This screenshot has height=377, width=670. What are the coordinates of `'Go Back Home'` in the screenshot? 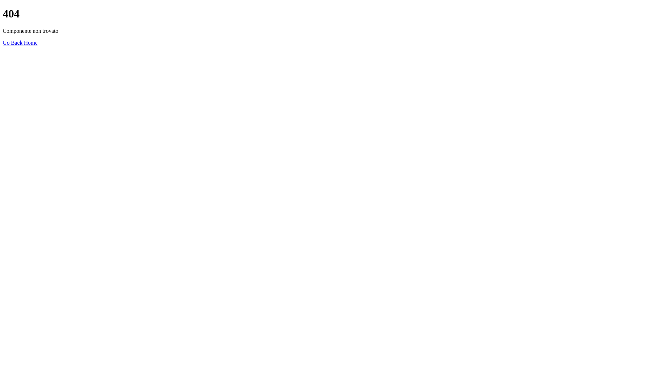 It's located at (20, 43).